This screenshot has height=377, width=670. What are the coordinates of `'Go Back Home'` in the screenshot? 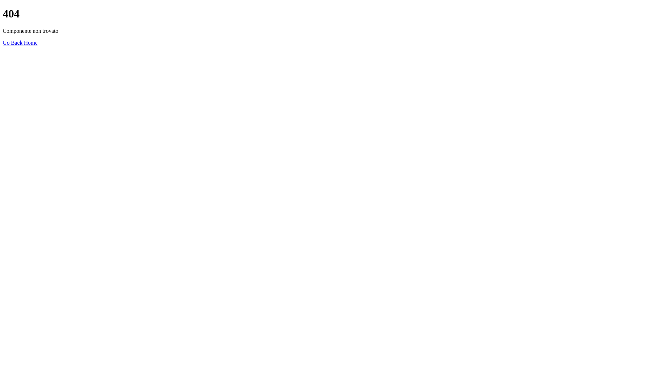 It's located at (20, 43).